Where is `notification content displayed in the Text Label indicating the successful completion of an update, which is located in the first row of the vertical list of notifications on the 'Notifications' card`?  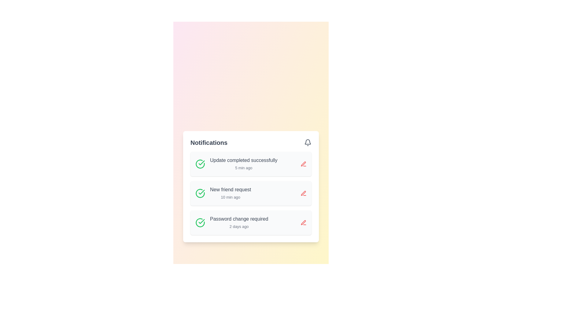 notification content displayed in the Text Label indicating the successful completion of an update, which is located in the first row of the vertical list of notifications on the 'Notifications' card is located at coordinates (243, 163).